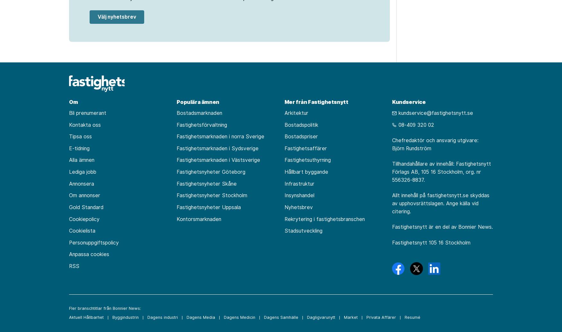 The image size is (562, 332). What do you see at coordinates (408, 101) in the screenshot?
I see `'Kundservice'` at bounding box center [408, 101].